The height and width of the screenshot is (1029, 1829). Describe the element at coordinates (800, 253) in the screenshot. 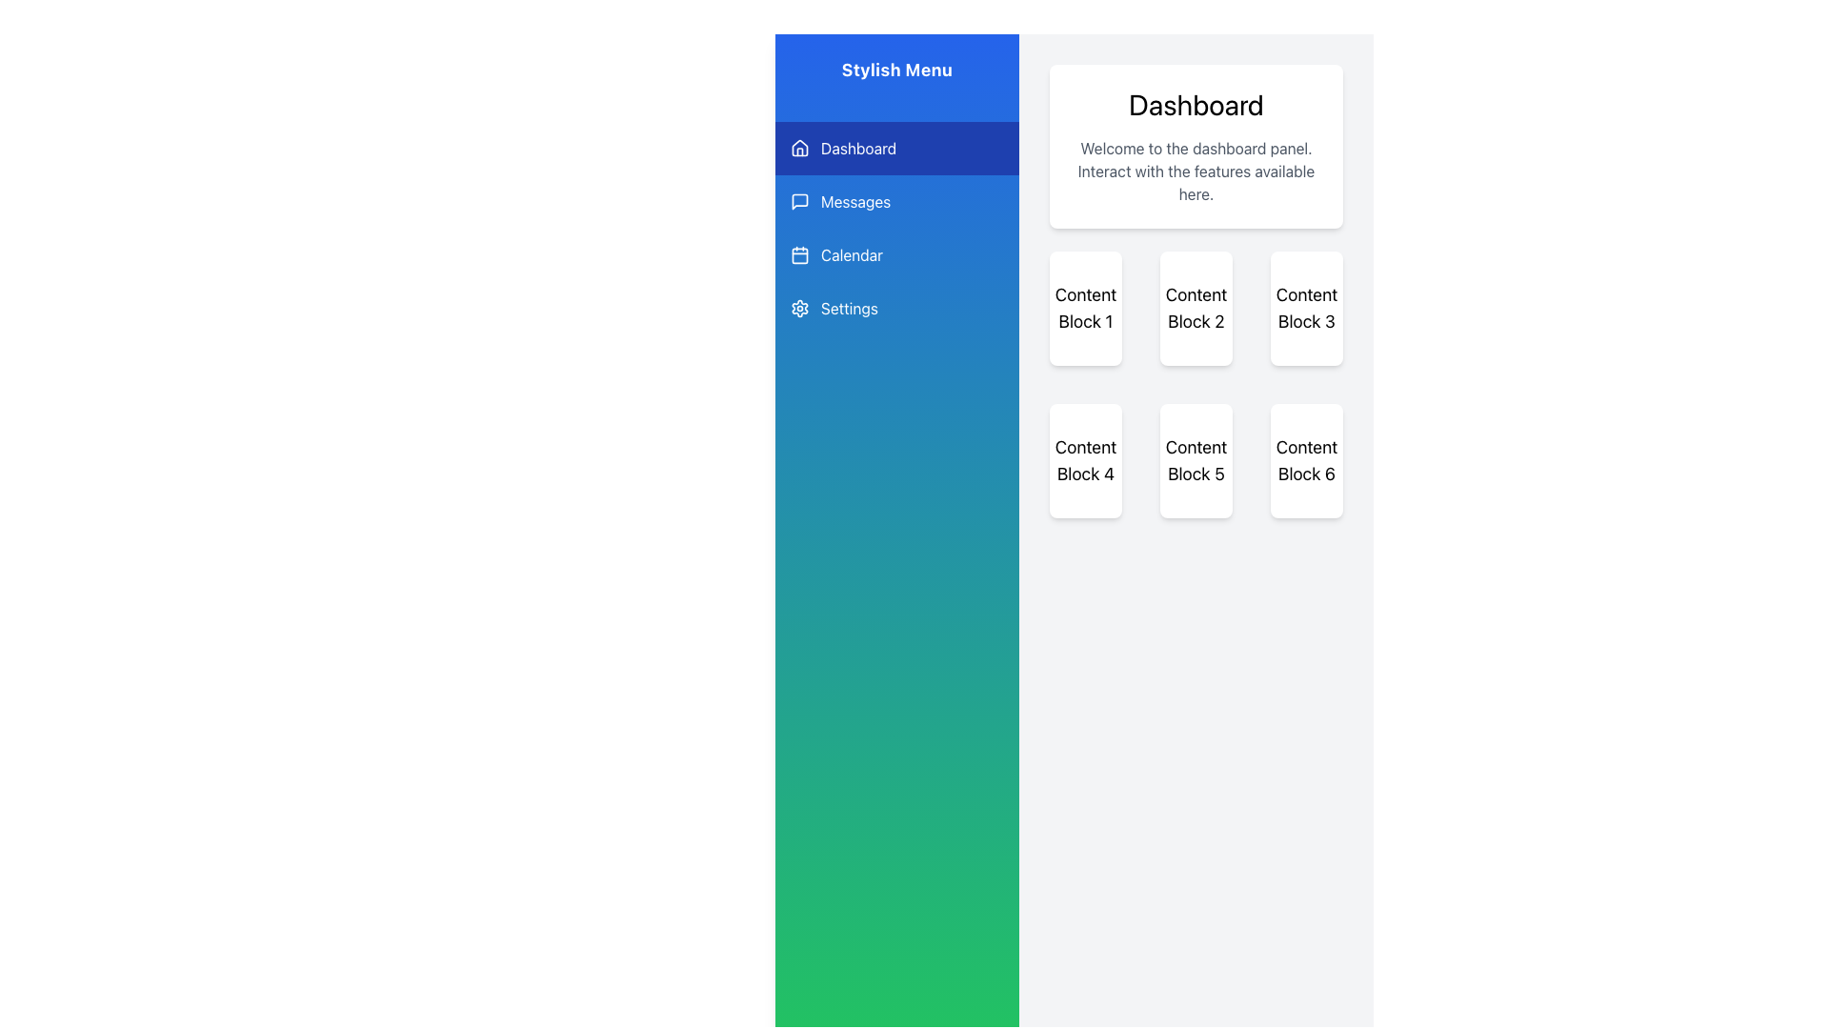

I see `the main body of the calendar representation in the vertical navigation menu on the left` at that location.